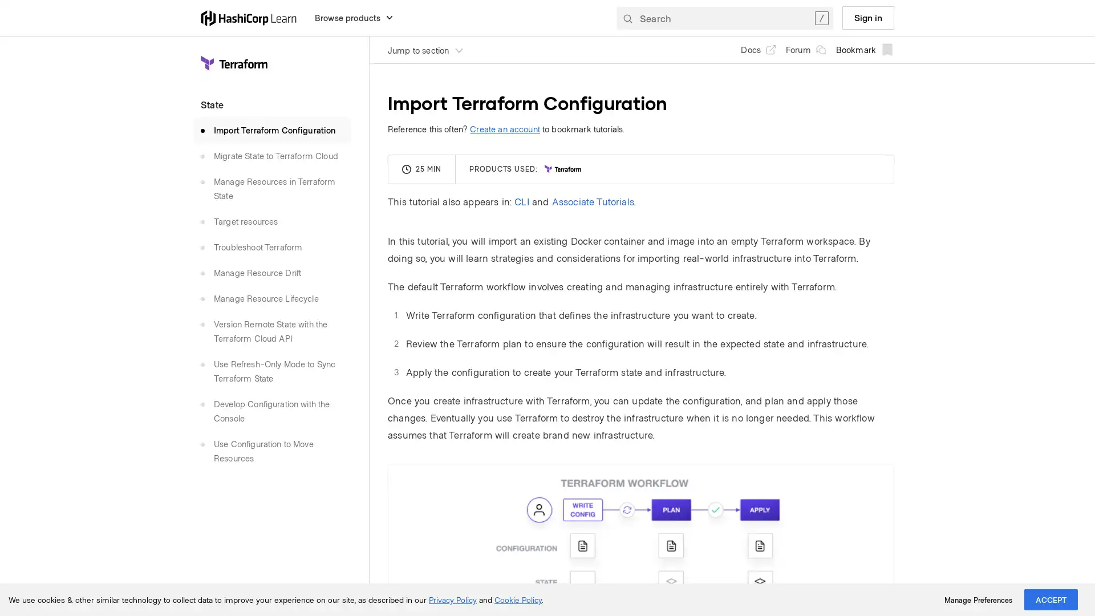  What do you see at coordinates (867, 17) in the screenshot?
I see `Sign in` at bounding box center [867, 17].